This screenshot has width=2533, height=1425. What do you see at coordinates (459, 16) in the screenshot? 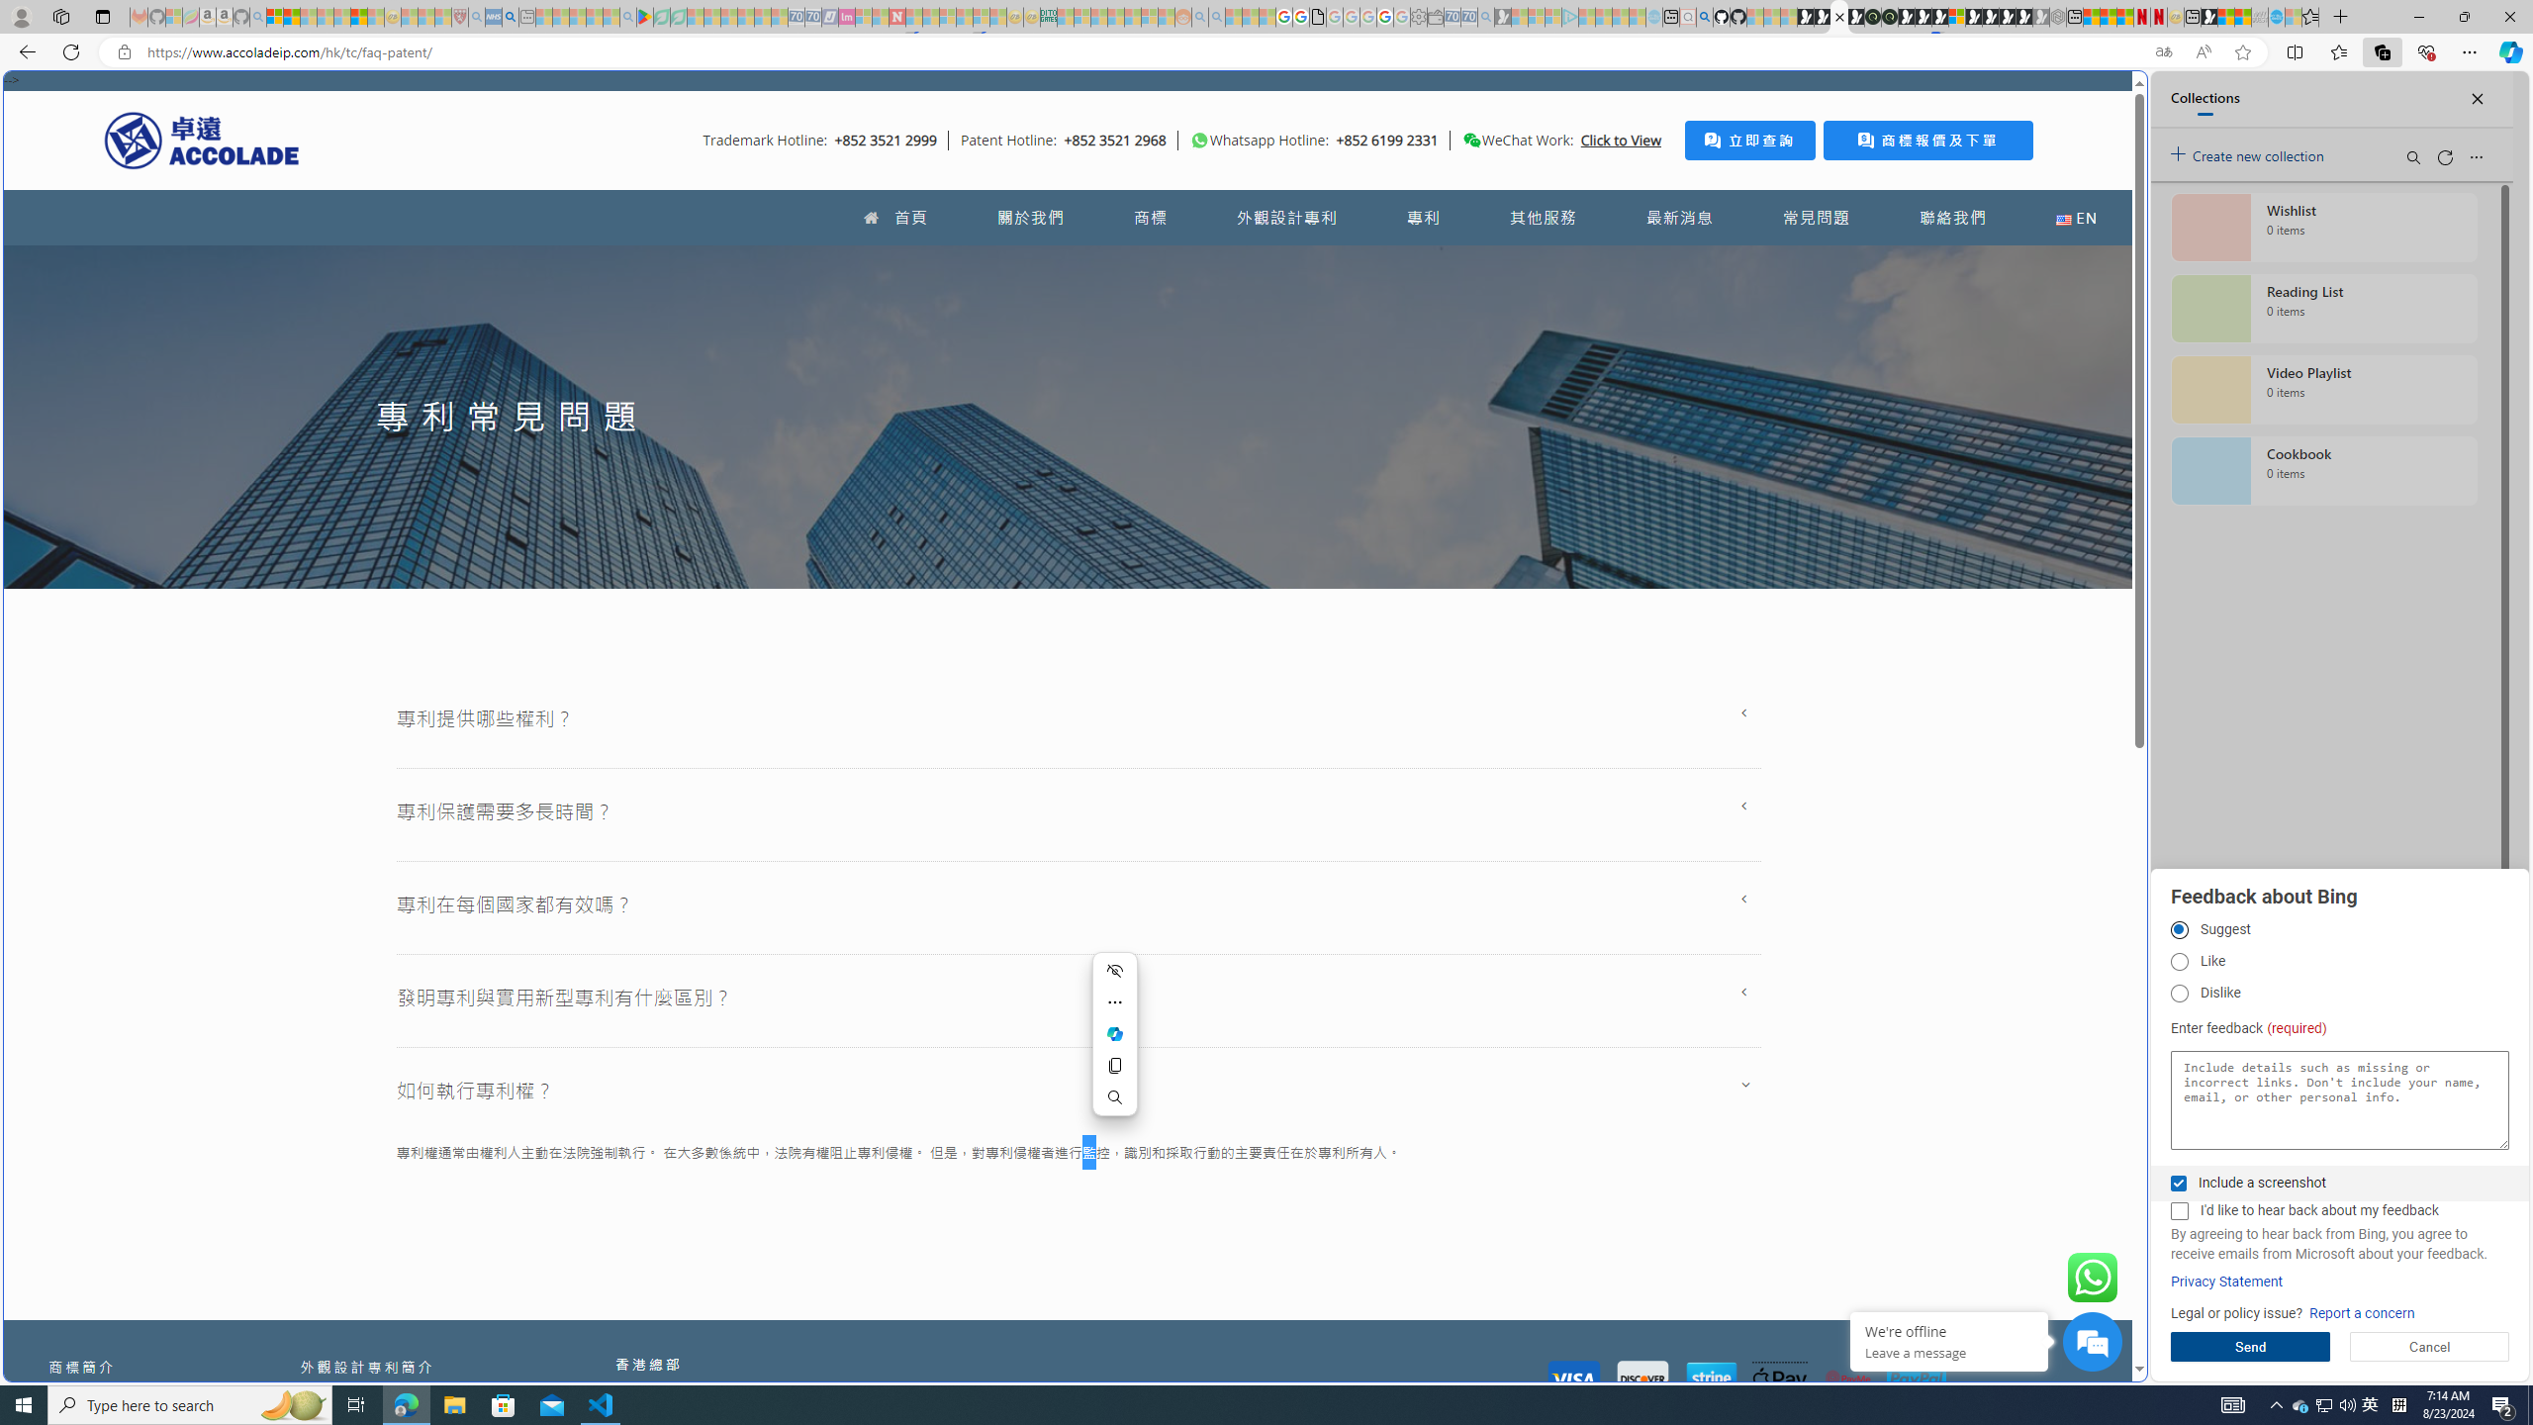
I see `'Robert H. Shmerling, MD - Harvard Health - Sleeping'` at bounding box center [459, 16].